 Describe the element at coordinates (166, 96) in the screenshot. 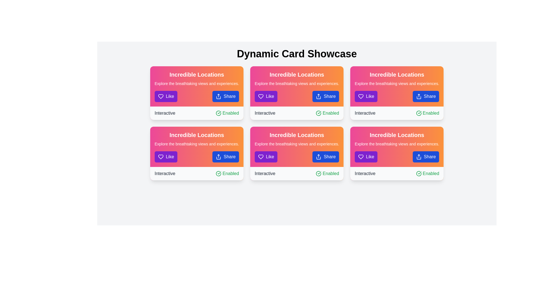

I see `the 'Like' button with a purple background and heart icon located in the first card of the top row under 'Incredible Locations' to like the content` at that location.